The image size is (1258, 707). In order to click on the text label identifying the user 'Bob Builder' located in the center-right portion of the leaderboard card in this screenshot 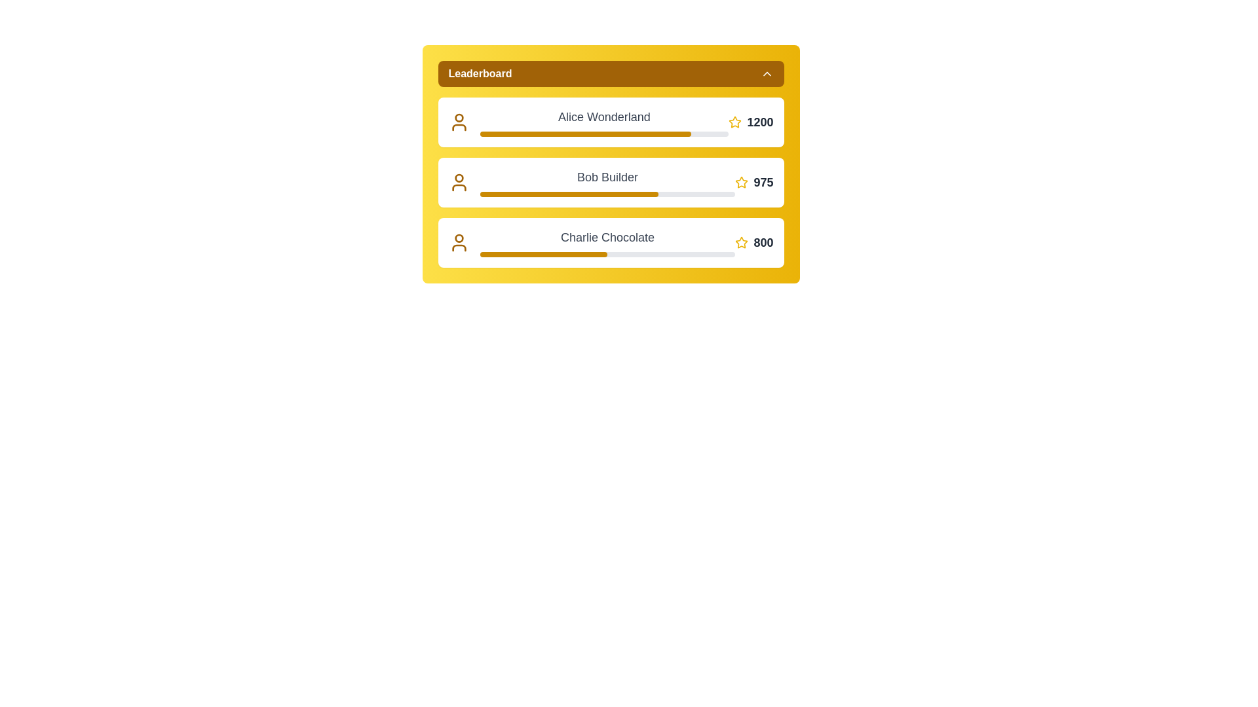, I will do `click(607, 182)`.